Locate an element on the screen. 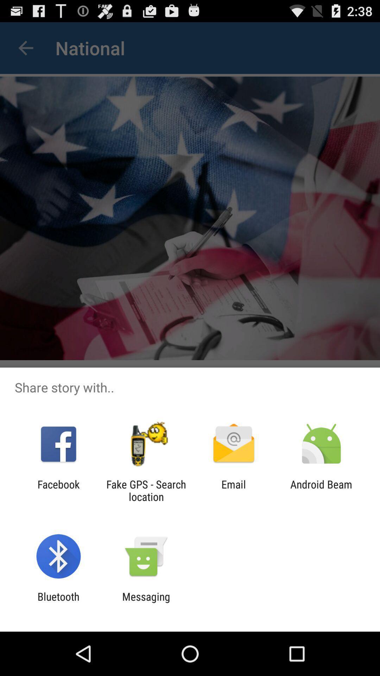 This screenshot has height=676, width=380. the app to the right of facebook item is located at coordinates (146, 490).